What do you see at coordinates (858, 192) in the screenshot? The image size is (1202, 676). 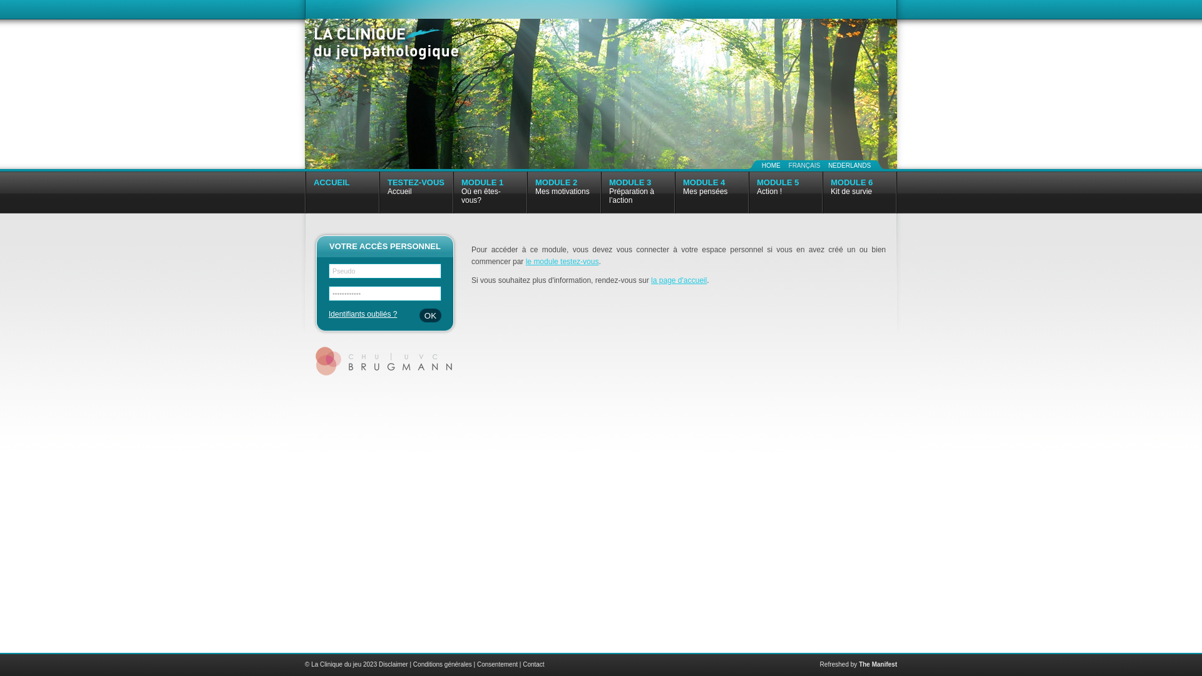 I see `'MODULE 6` at bounding box center [858, 192].